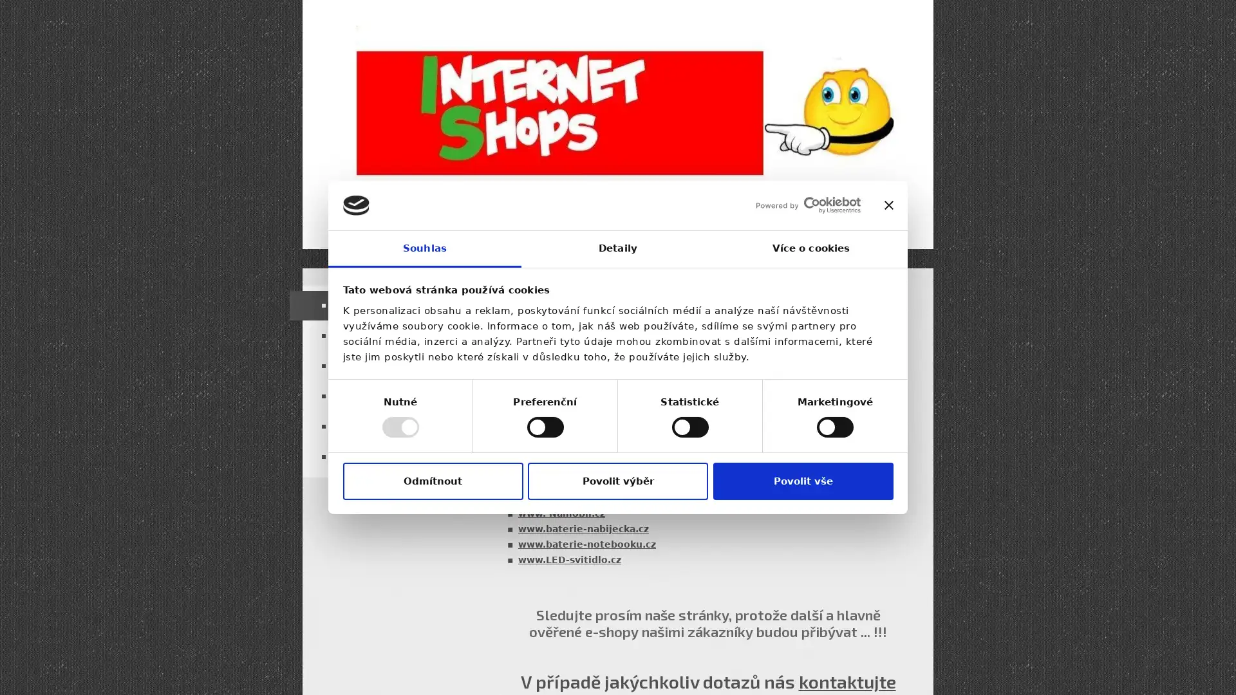  I want to click on Zavrit banner, so click(888, 205).